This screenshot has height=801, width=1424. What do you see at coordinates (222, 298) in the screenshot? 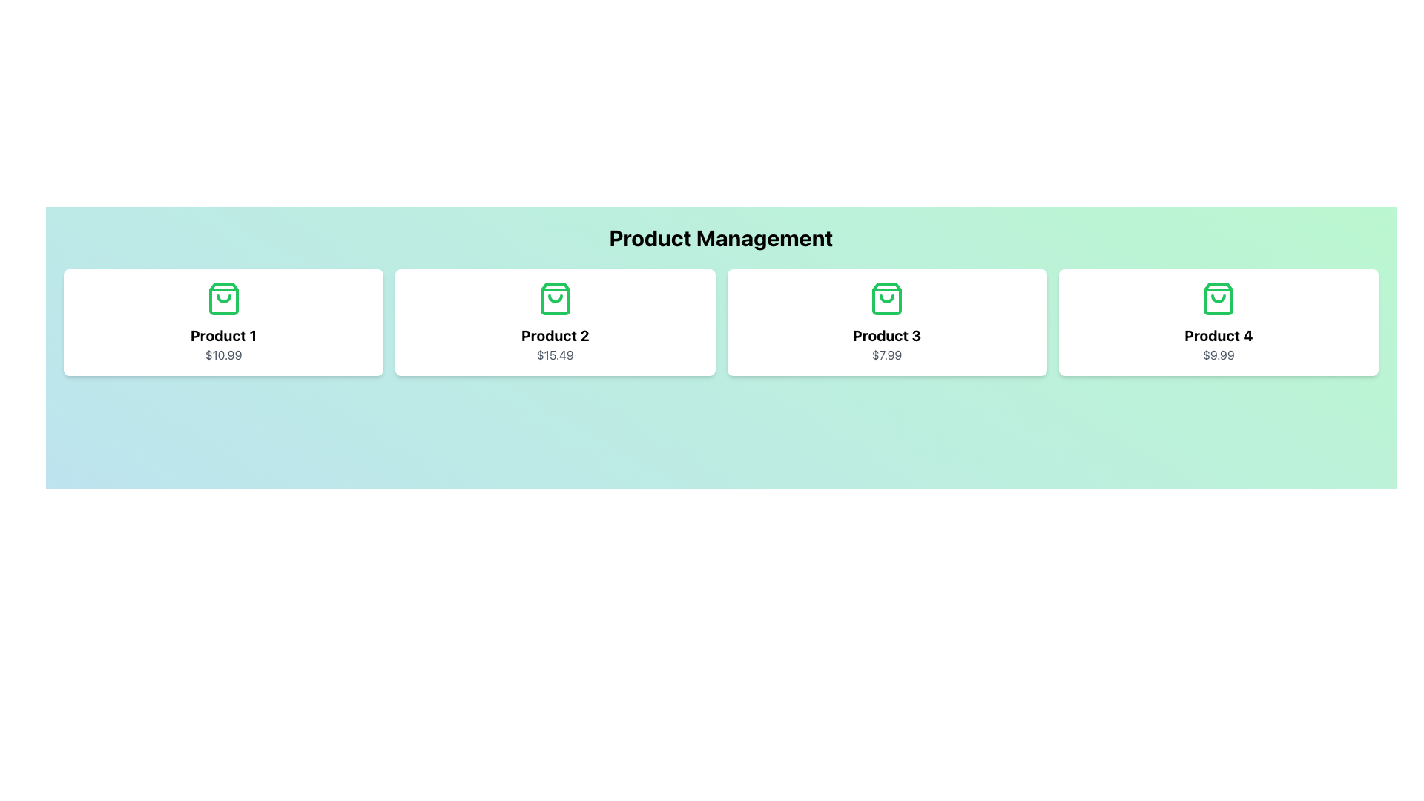
I see `the shopping icon located at the top of the card displaying the product information for 'Product 1' priced at '$10.99'` at bounding box center [222, 298].